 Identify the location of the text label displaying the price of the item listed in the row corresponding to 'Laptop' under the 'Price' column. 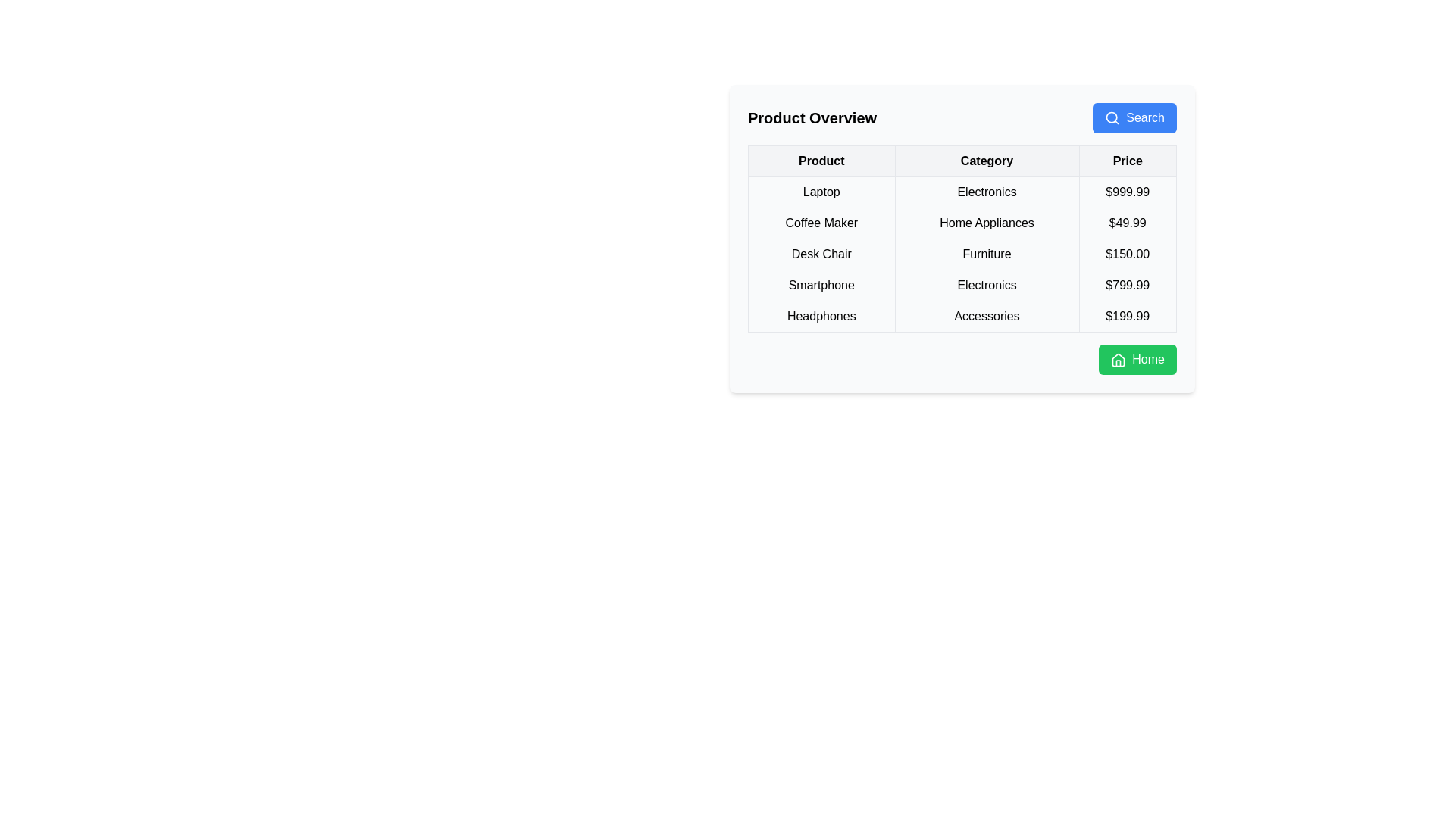
(1128, 192).